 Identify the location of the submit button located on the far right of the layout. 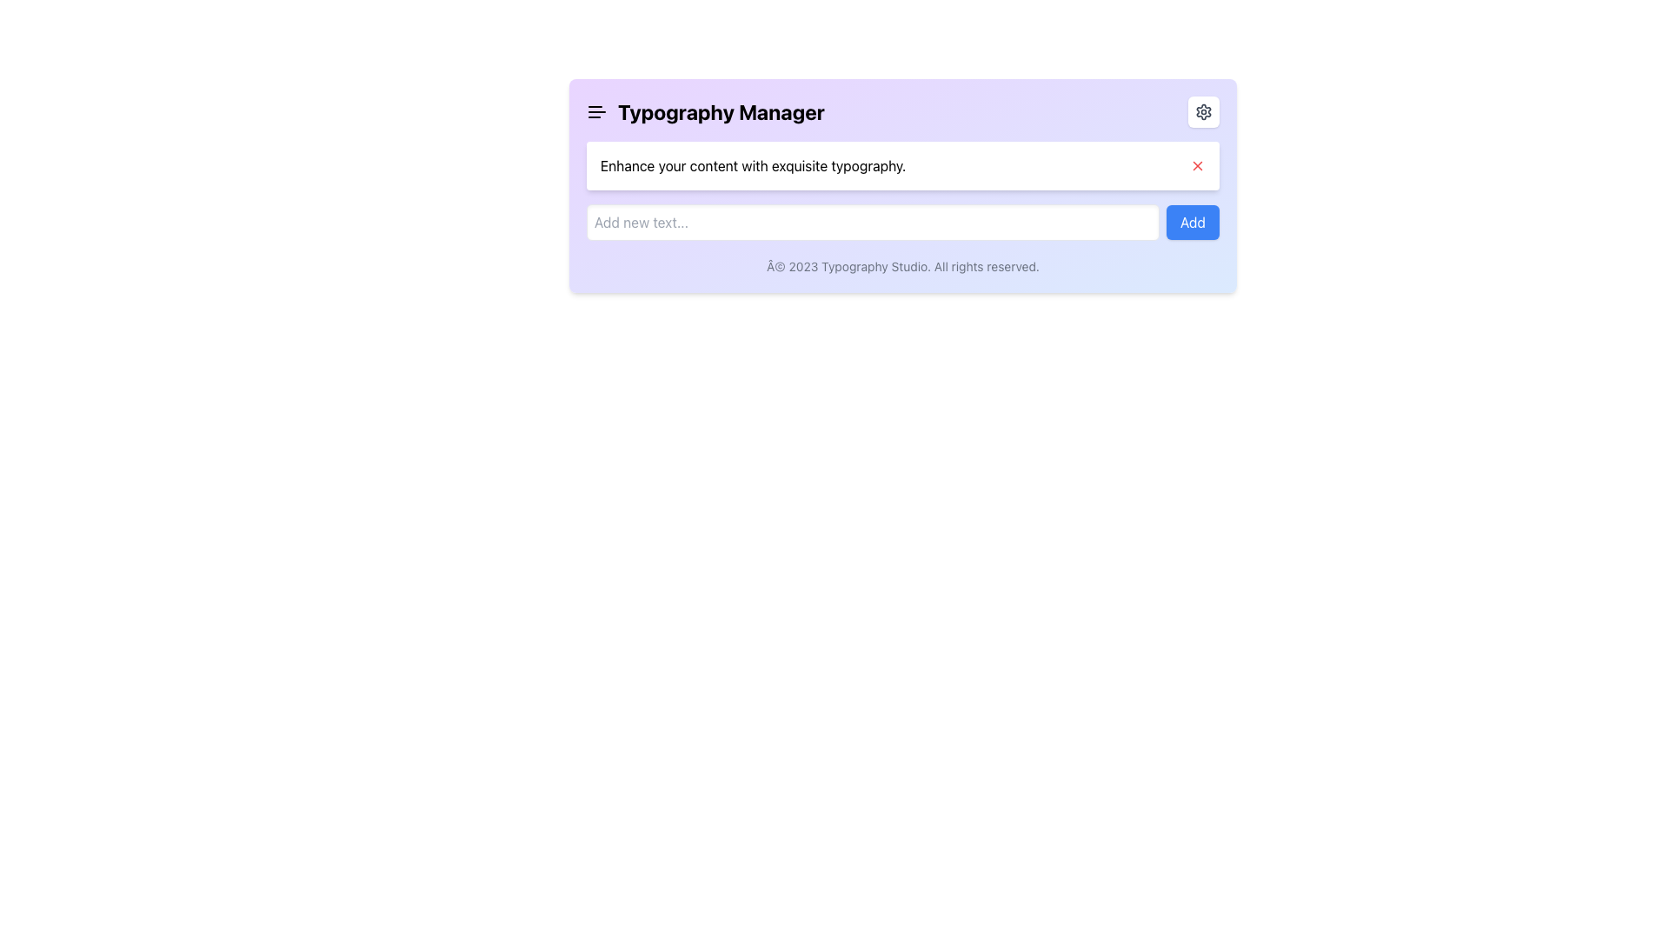
(1192, 221).